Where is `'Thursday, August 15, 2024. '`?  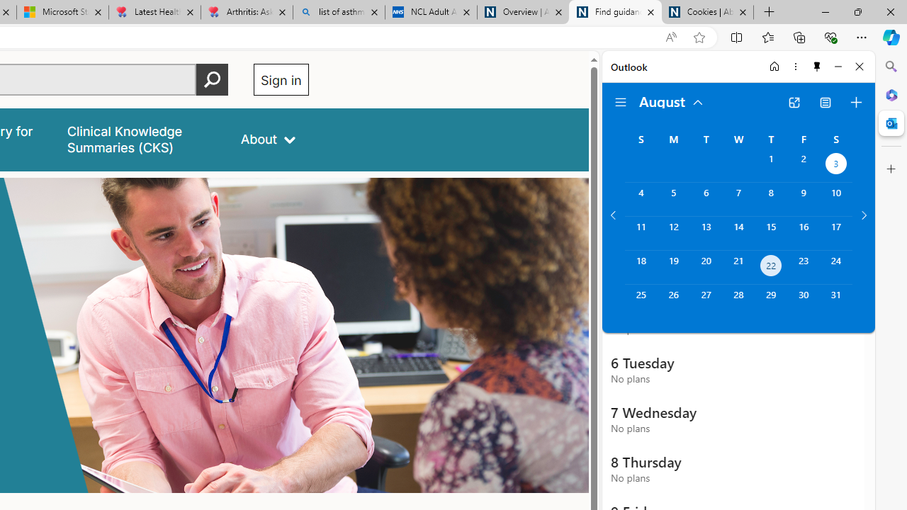 'Thursday, August 15, 2024. ' is located at coordinates (770, 232).